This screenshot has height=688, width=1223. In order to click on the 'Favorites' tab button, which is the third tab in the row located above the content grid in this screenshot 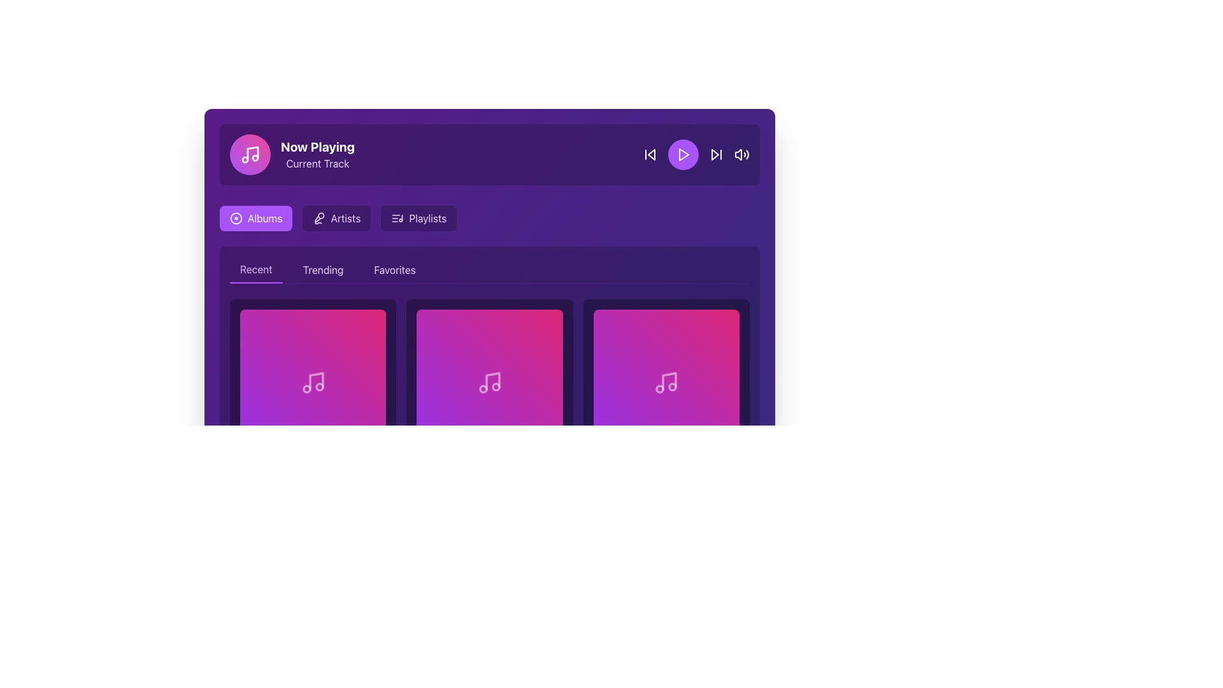, I will do `click(394, 269)`.